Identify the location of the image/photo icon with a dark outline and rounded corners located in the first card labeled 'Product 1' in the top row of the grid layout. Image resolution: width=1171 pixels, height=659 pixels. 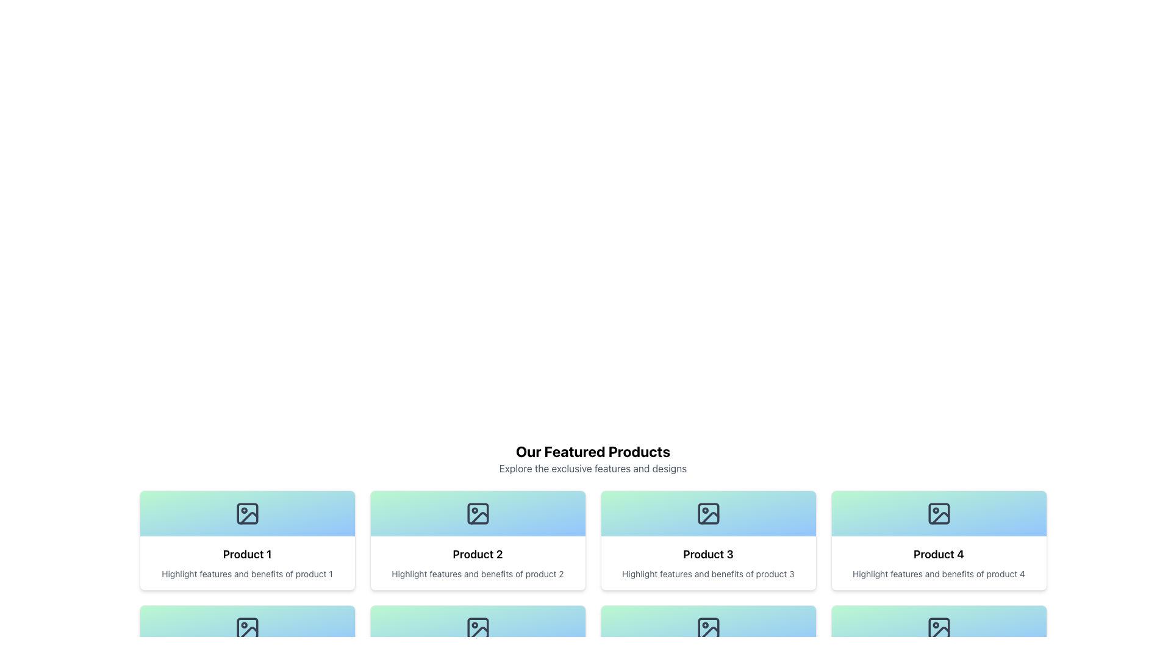
(246, 513).